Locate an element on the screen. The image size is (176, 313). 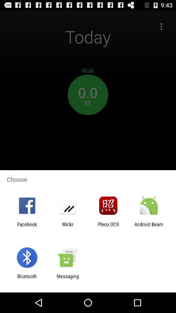
messaging is located at coordinates (67, 279).